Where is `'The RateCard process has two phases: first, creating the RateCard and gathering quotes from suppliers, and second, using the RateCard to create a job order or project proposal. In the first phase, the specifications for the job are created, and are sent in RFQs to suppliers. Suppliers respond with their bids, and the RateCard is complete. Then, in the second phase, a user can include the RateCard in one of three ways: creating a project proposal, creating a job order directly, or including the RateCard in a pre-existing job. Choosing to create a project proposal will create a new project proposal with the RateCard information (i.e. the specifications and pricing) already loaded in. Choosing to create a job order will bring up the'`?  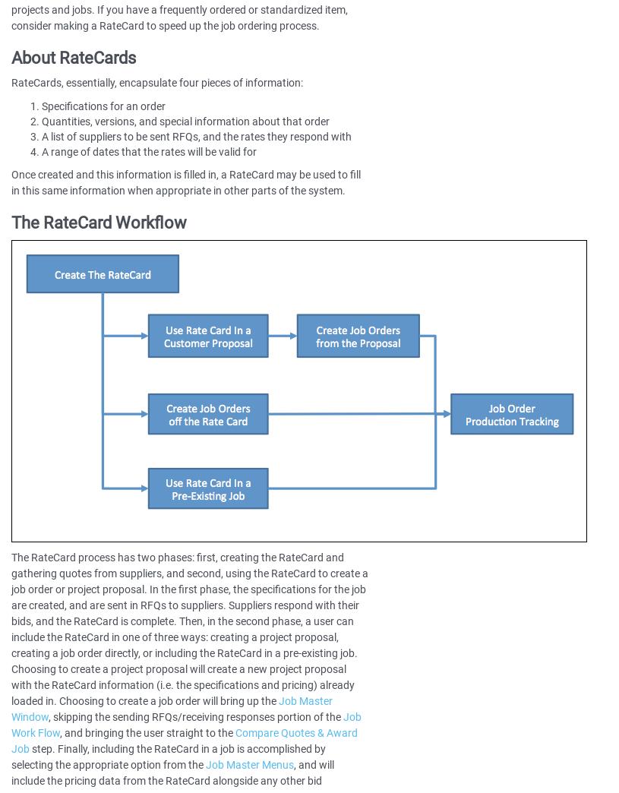 'The RateCard process has two phases: first, creating the RateCard and gathering quotes from suppliers, and second, using the RateCard to create a job order or project proposal. In the first phase, the specifications for the job are created, and are sent in RFQs to suppliers. Suppliers respond with their bids, and the RateCard is complete. Then, in the second phase, a user can include the RateCard in one of three ways: creating a project proposal, creating a job order directly, or including the RateCard in a pre-existing job. Choosing to create a project proposal will create a new project proposal with the RateCard information (i.e. the specifications and pricing) already loaded in. Choosing to create a job order will bring up the' is located at coordinates (10, 628).